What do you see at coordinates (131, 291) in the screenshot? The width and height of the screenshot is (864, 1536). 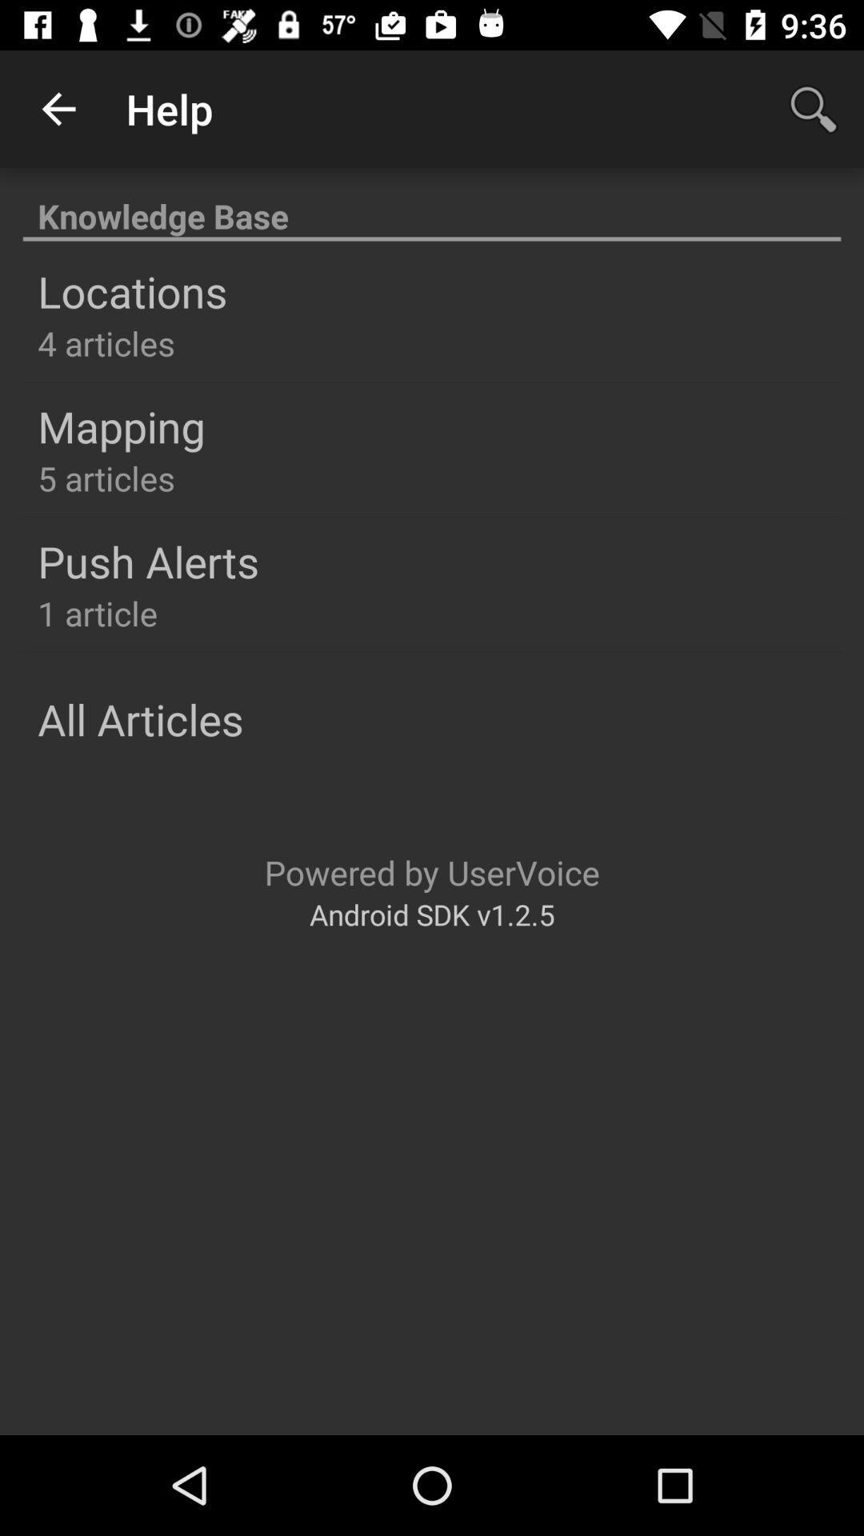 I see `the icon above the 4 articles icon` at bounding box center [131, 291].